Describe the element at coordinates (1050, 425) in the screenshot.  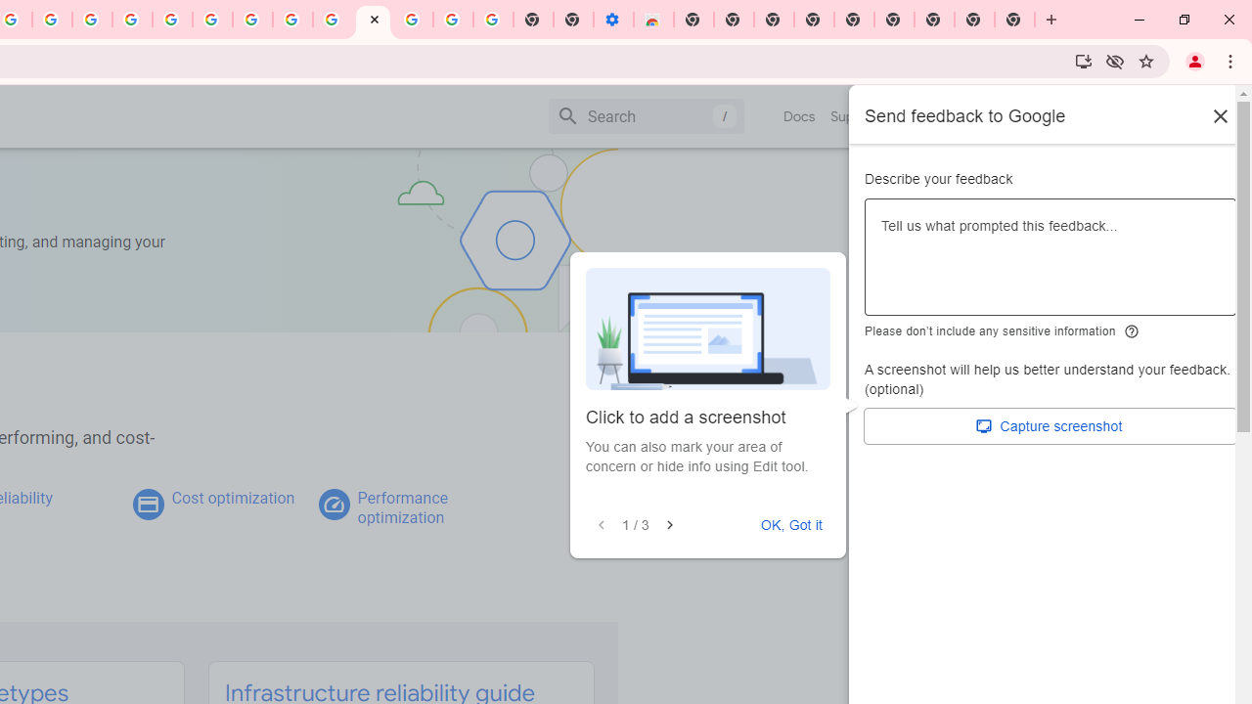
I see `'Capture screenshot'` at that location.